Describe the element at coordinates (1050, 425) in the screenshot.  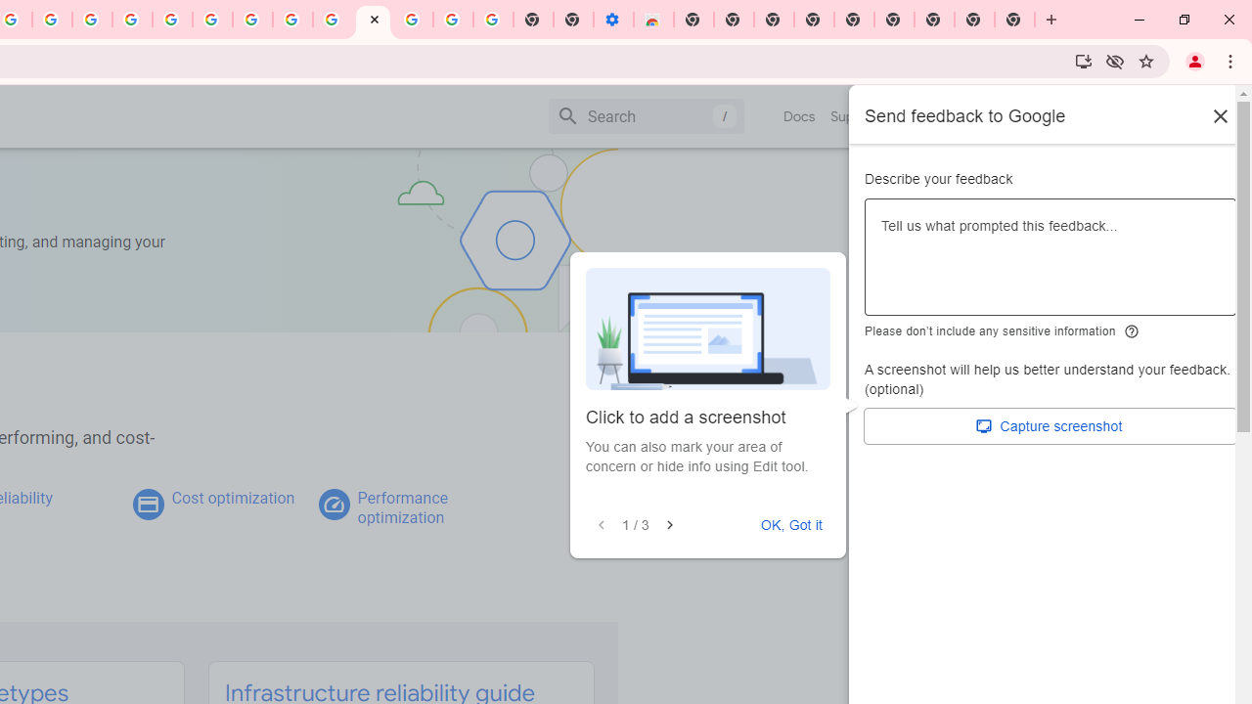
I see `'Capture screenshot'` at that location.